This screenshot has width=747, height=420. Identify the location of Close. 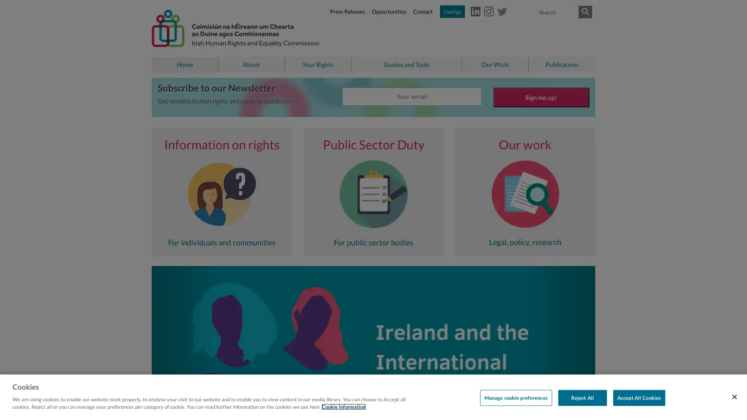
(734, 396).